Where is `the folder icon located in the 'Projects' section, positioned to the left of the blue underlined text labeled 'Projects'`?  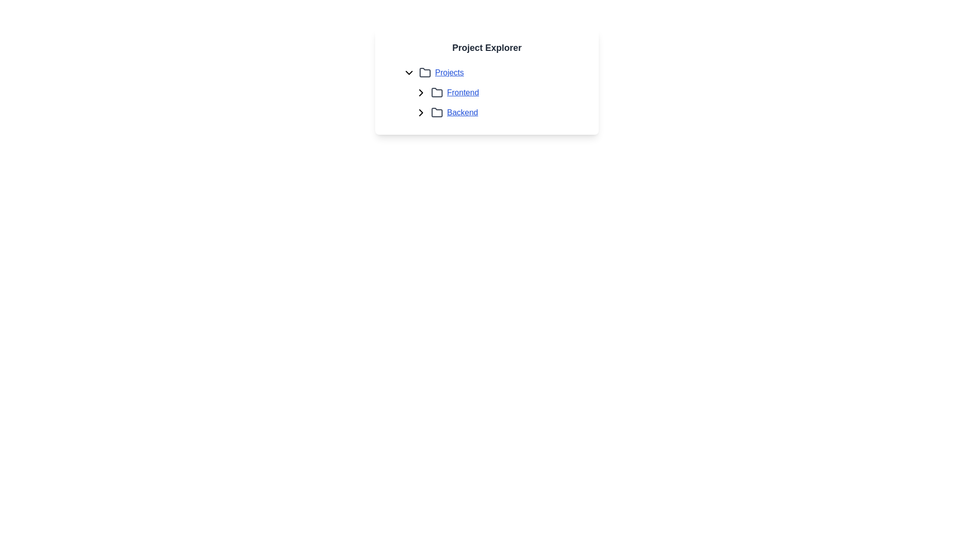
the folder icon located in the 'Projects' section, positioned to the left of the blue underlined text labeled 'Projects' is located at coordinates (425, 72).